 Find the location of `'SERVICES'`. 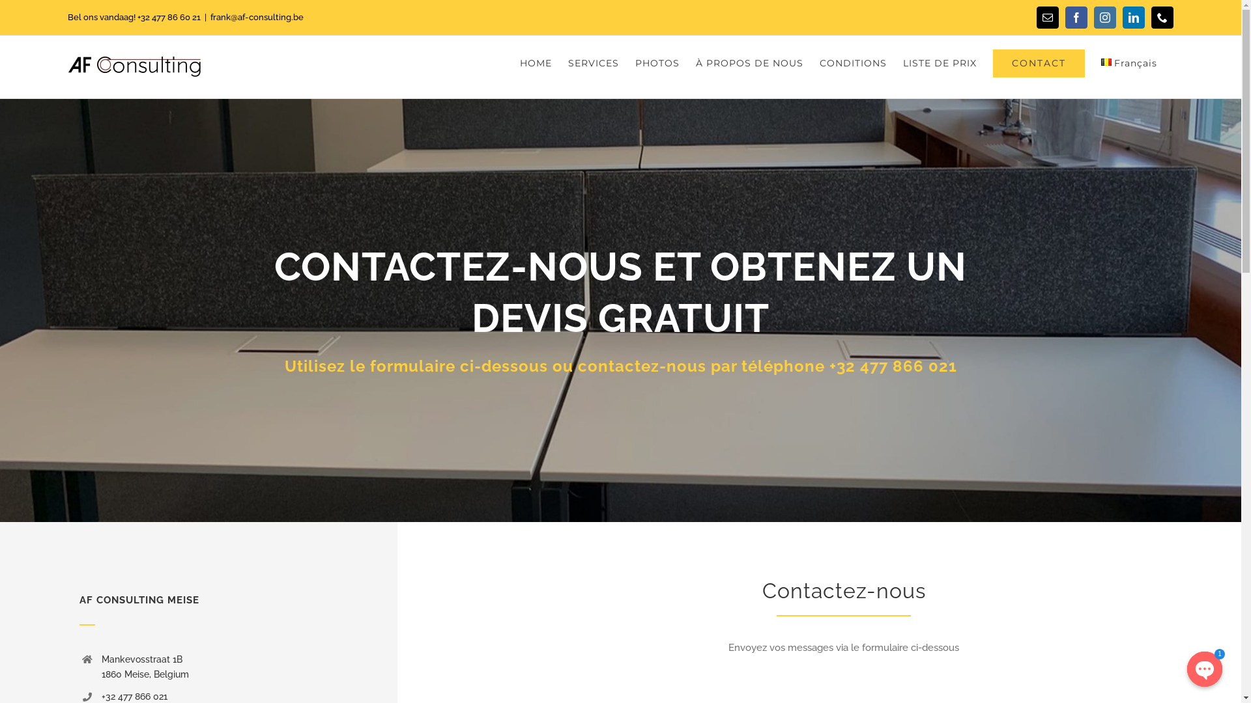

'SERVICES' is located at coordinates (593, 62).